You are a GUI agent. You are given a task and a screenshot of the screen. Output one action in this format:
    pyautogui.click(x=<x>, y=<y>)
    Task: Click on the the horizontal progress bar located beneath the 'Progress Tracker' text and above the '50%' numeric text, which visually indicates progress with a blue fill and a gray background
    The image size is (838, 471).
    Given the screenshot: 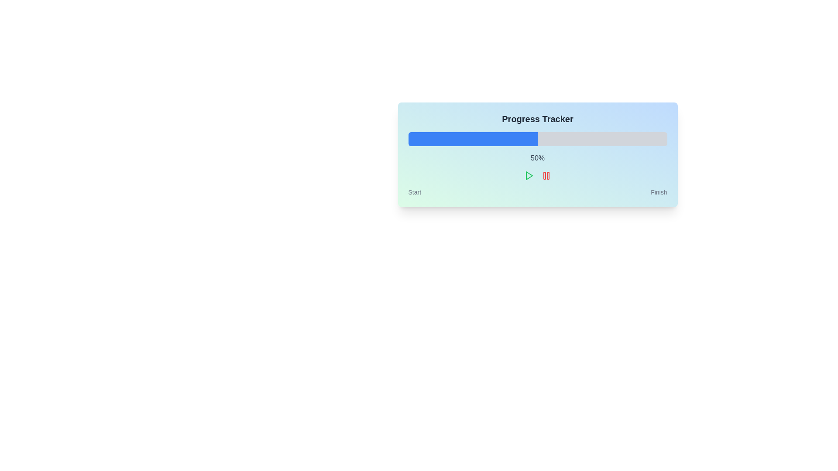 What is the action you would take?
    pyautogui.click(x=537, y=139)
    